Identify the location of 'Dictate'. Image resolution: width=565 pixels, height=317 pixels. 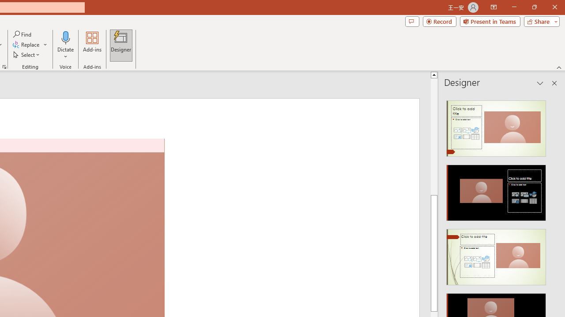
(65, 45).